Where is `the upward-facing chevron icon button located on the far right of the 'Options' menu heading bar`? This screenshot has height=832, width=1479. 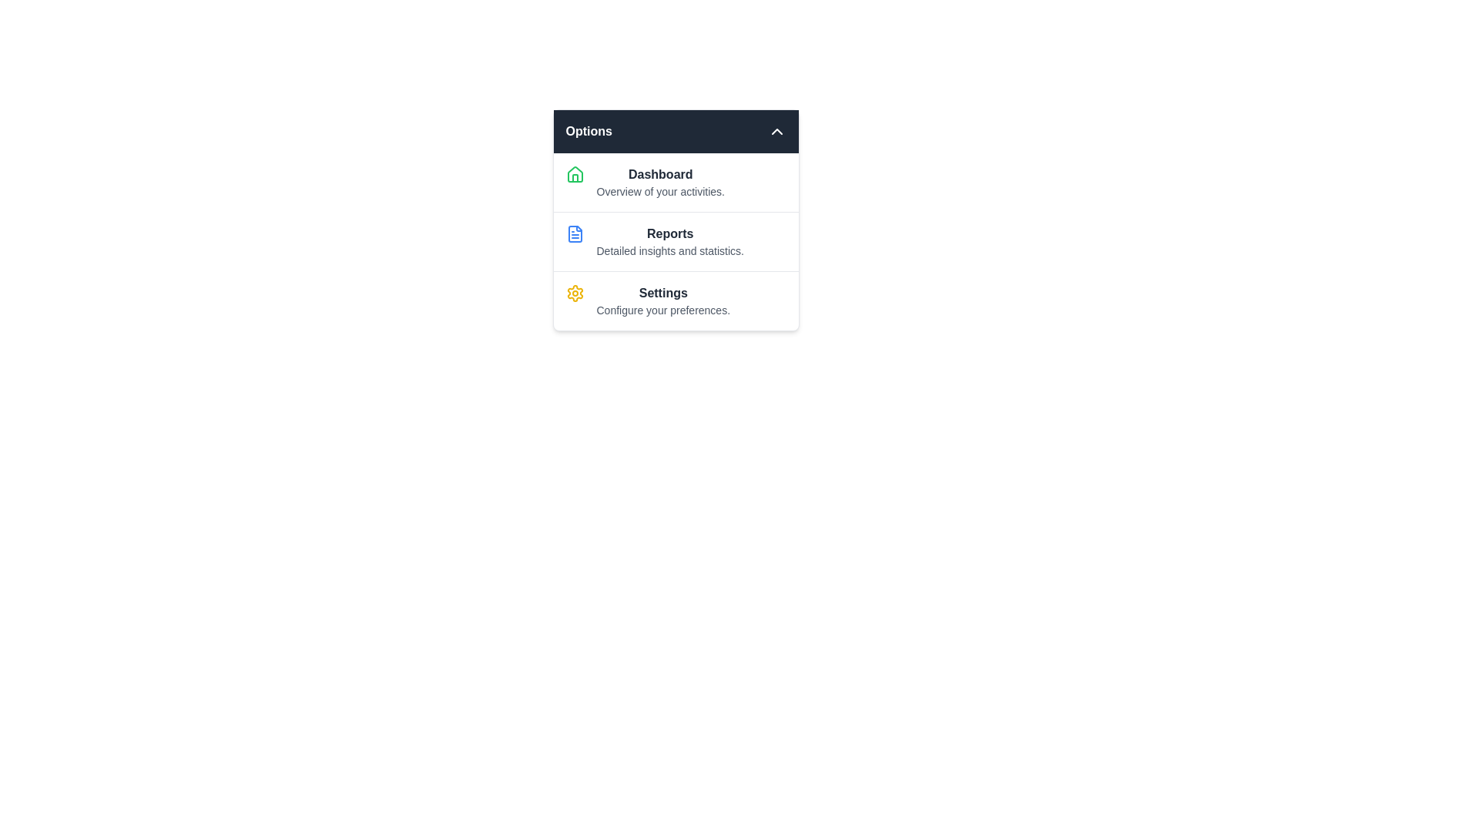 the upward-facing chevron icon button located on the far right of the 'Options' menu heading bar is located at coordinates (776, 130).